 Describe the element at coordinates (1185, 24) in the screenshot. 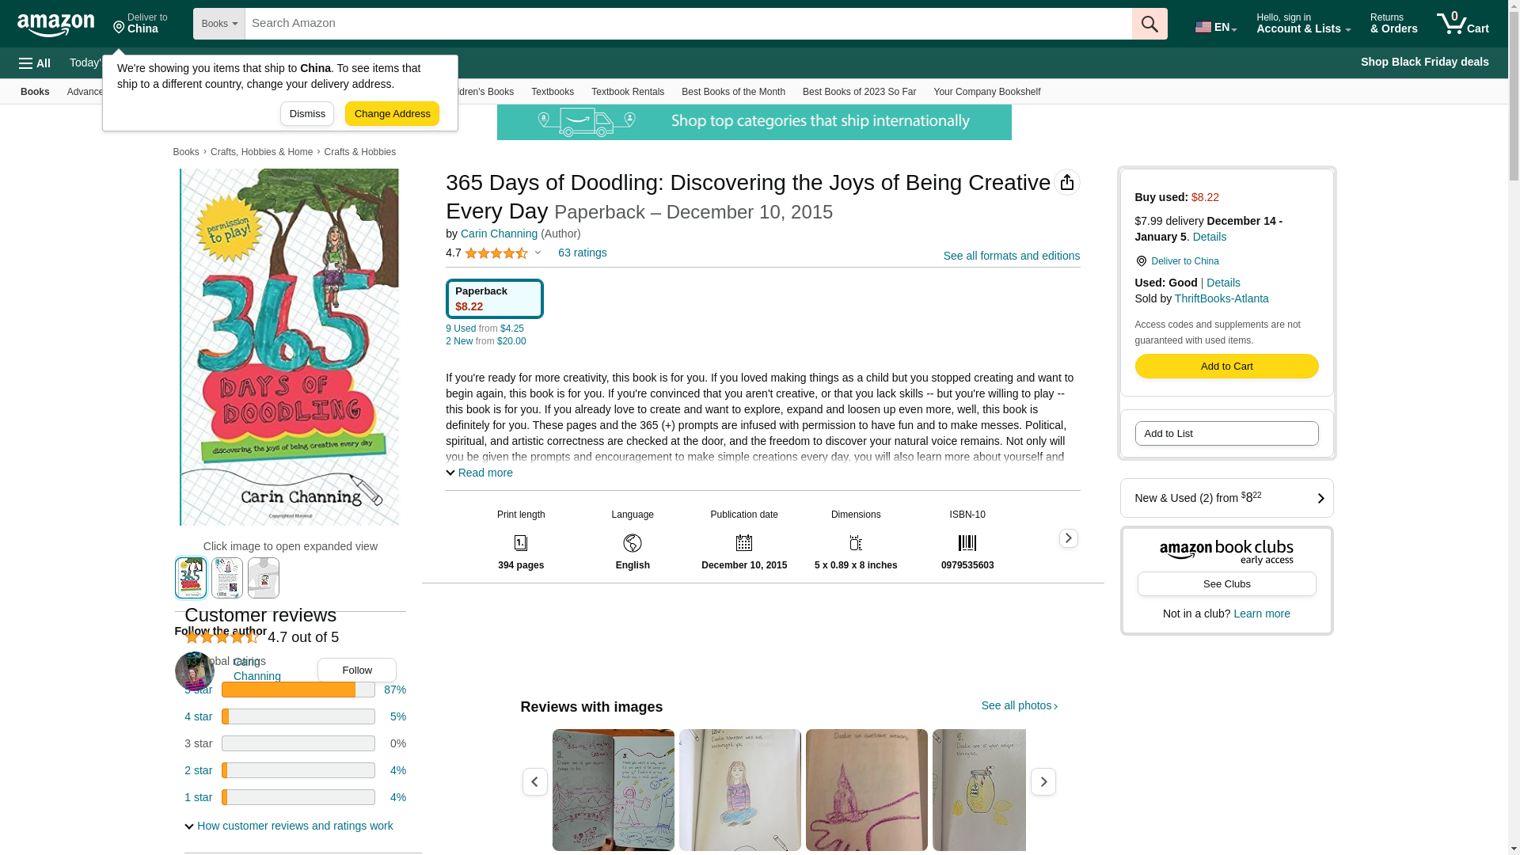

I see `'EN'` at that location.